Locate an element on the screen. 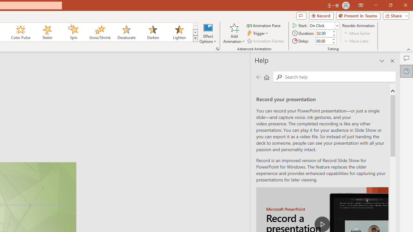 Image resolution: width=413 pixels, height=232 pixels. 'Color Pulse' is located at coordinates (21, 32).